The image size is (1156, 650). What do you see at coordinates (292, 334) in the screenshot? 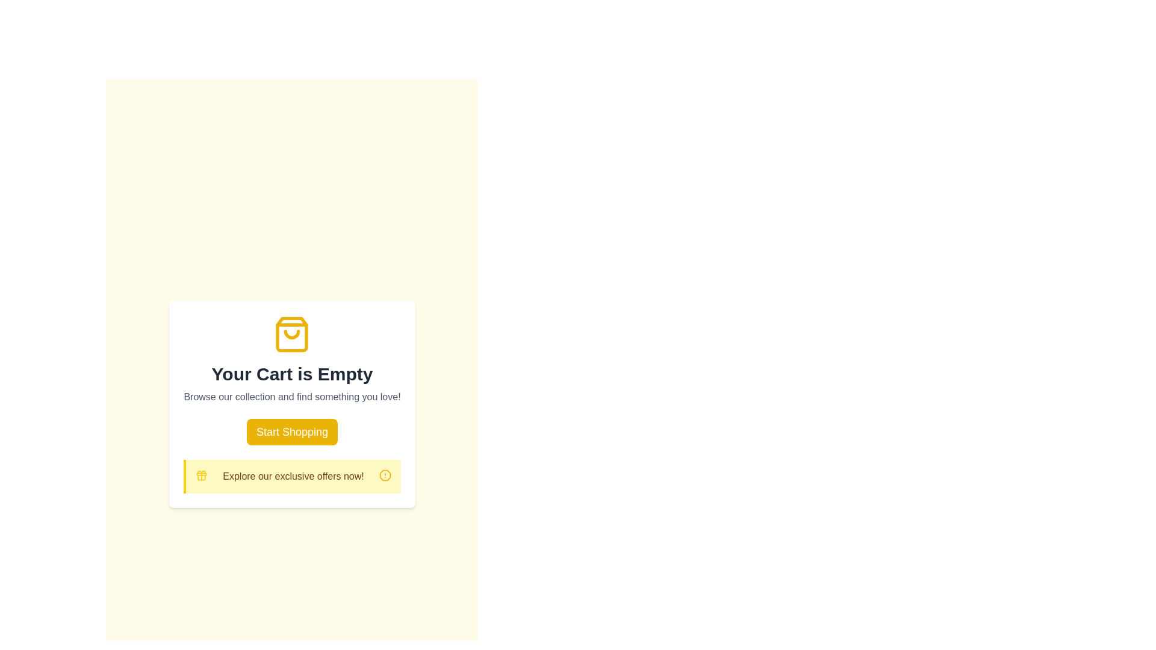
I see `the shopping bag icon with a cheerful face, which is located at the top center of a white rounded card that contains the 'Your Cart is Empty' message` at bounding box center [292, 334].